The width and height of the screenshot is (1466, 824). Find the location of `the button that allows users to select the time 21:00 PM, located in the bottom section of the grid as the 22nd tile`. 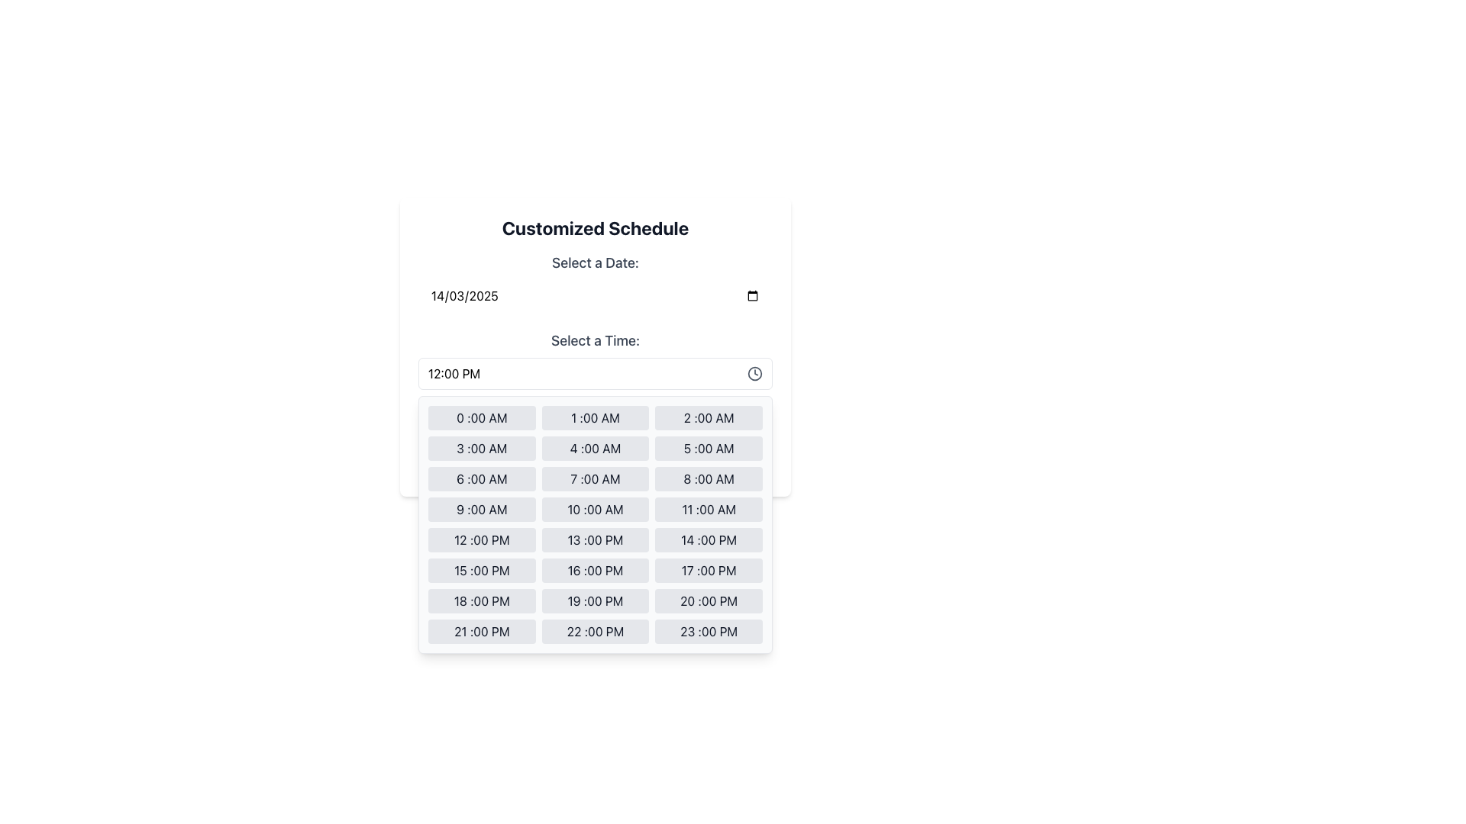

the button that allows users to select the time 21:00 PM, located in the bottom section of the grid as the 22nd tile is located at coordinates (481, 632).